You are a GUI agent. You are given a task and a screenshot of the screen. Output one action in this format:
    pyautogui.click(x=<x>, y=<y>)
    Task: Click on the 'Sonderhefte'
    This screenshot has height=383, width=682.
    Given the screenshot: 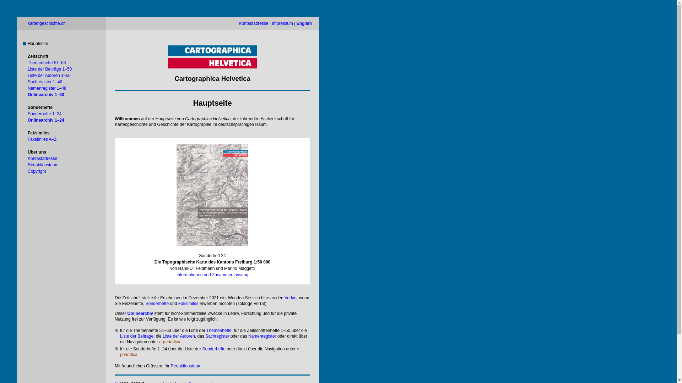 What is the action you would take?
    pyautogui.click(x=157, y=303)
    